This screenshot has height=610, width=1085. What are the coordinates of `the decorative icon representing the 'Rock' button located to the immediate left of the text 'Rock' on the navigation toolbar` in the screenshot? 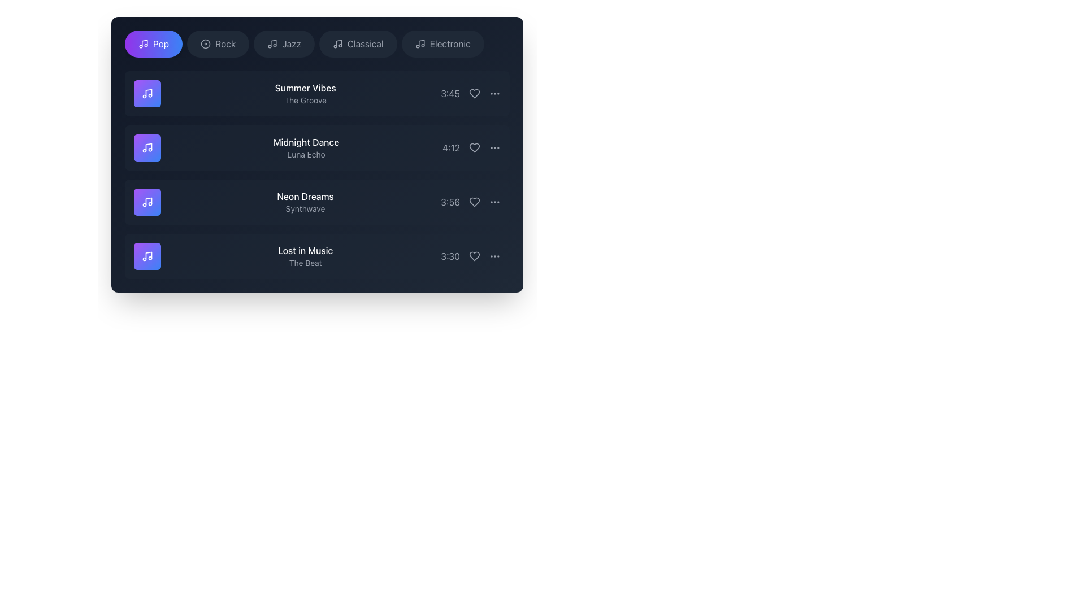 It's located at (206, 43).